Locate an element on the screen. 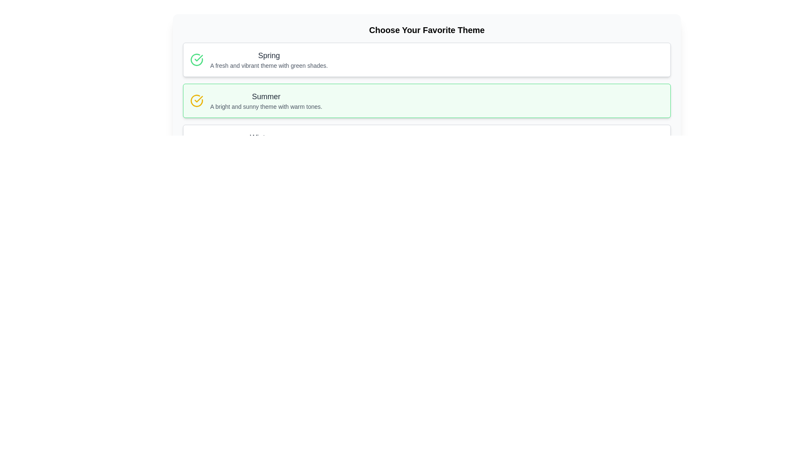 The width and height of the screenshot is (804, 452). the text content element titled 'Spring' with a subtitle 'A fresh and vibrant theme with green shades', which is aligned to the left within a white background card is located at coordinates (269, 59).